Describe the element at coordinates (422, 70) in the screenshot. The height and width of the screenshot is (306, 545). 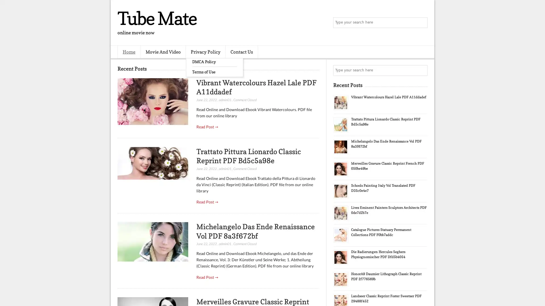
I see `Search` at that location.